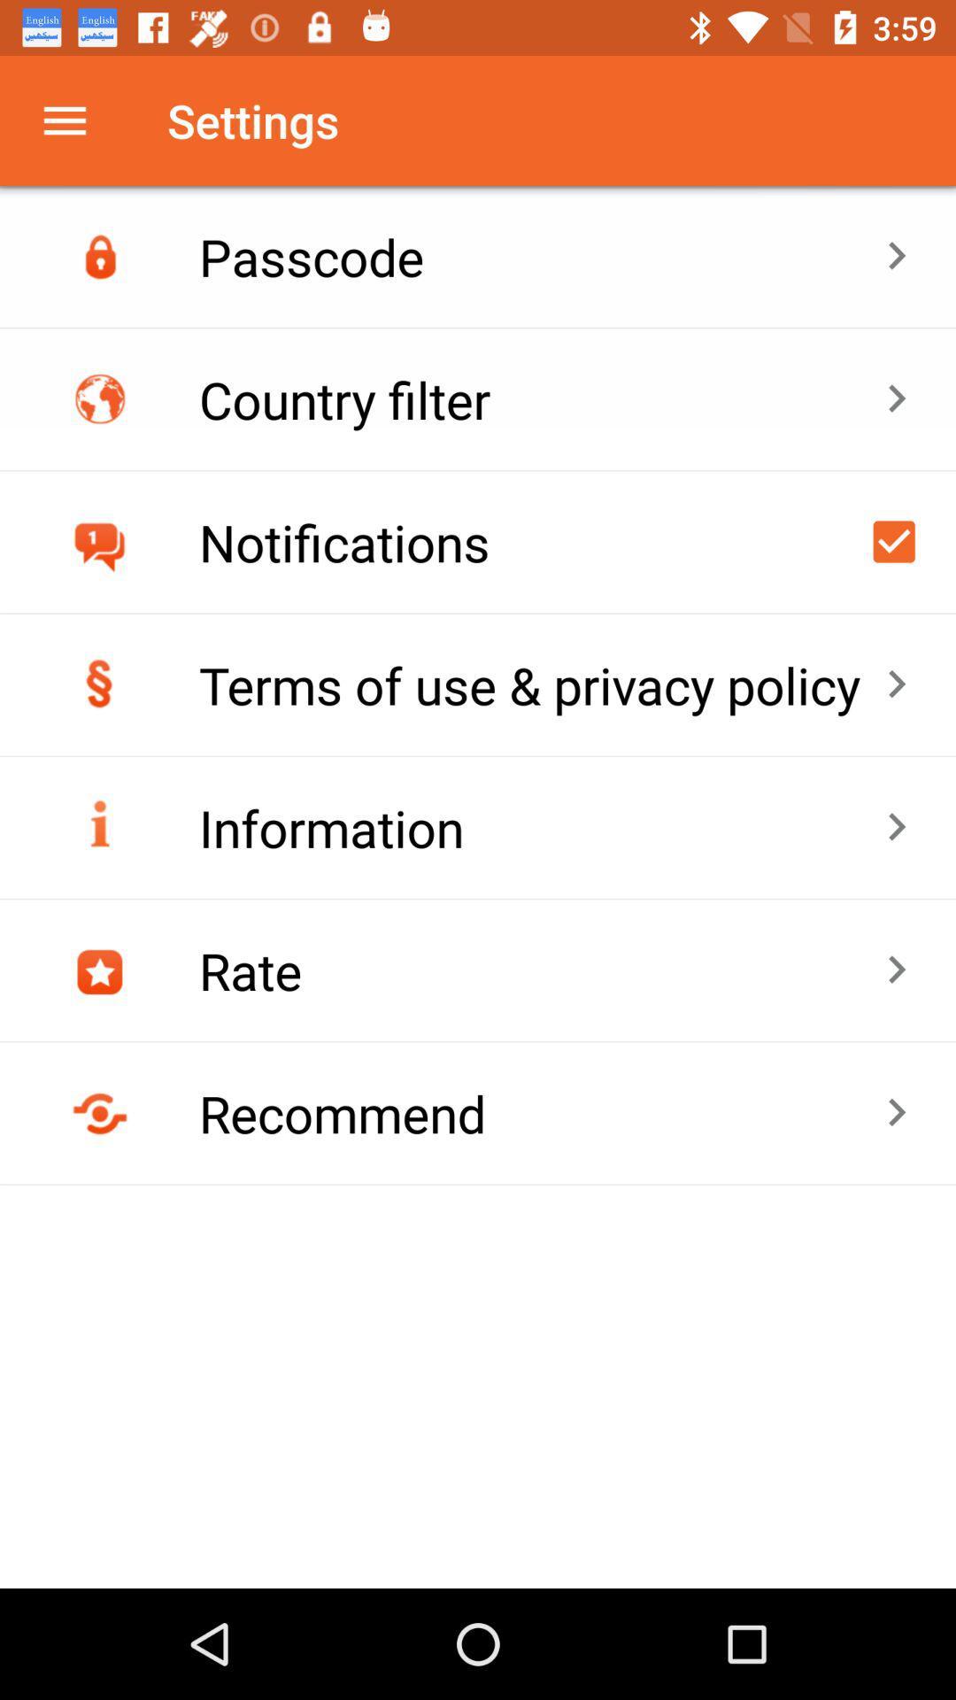 This screenshot has width=956, height=1700. Describe the element at coordinates (541, 1112) in the screenshot. I see `the icon below rate` at that location.